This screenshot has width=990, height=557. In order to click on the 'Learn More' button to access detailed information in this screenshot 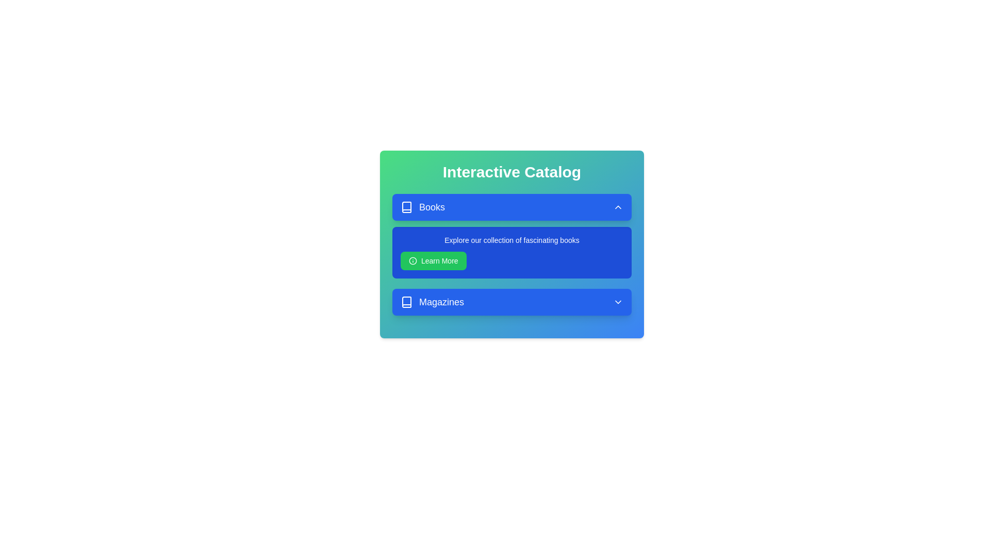, I will do `click(433, 260)`.